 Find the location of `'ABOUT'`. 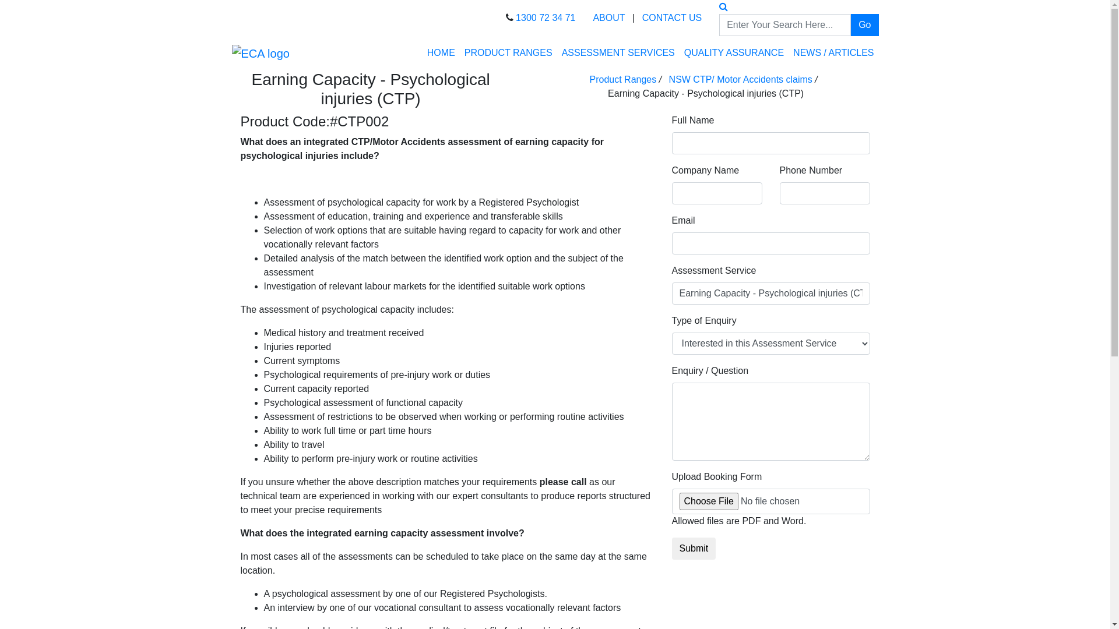

'ABOUT' is located at coordinates (608, 17).